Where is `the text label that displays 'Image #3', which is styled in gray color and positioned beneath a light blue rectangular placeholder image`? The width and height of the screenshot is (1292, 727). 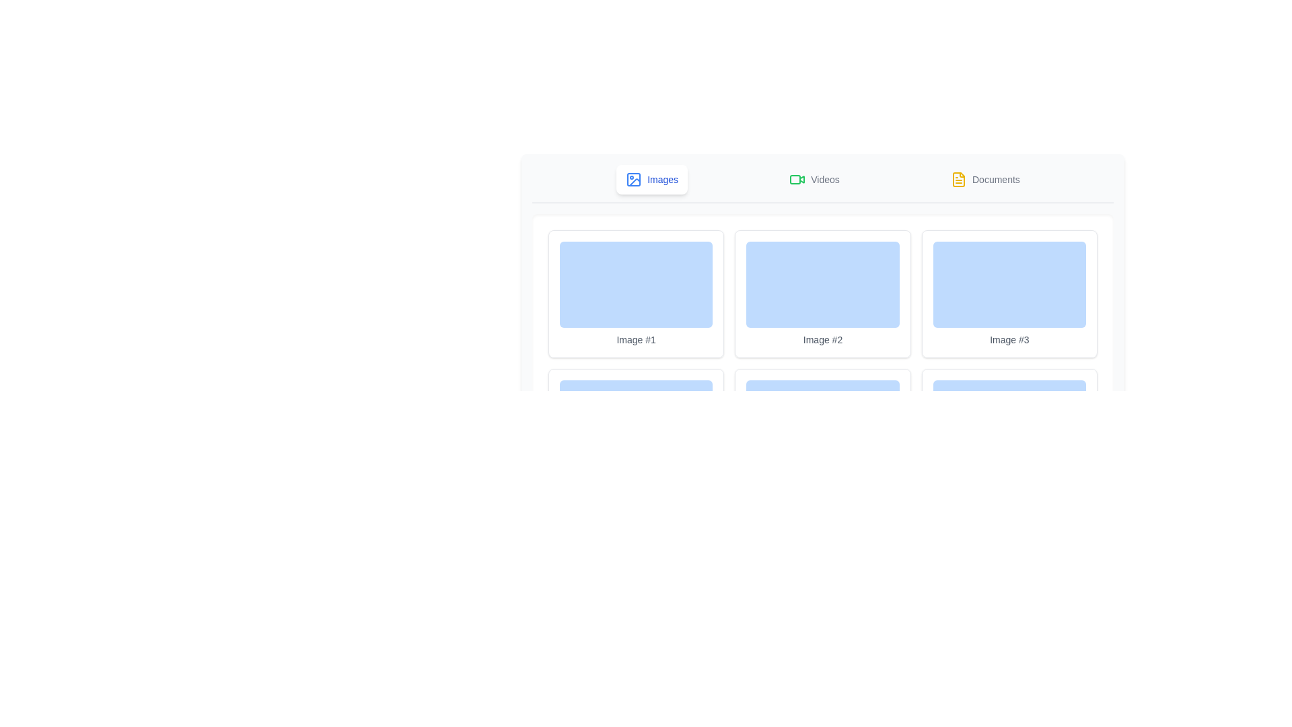 the text label that displays 'Image #3', which is styled in gray color and positioned beneath a light blue rectangular placeholder image is located at coordinates (1009, 339).